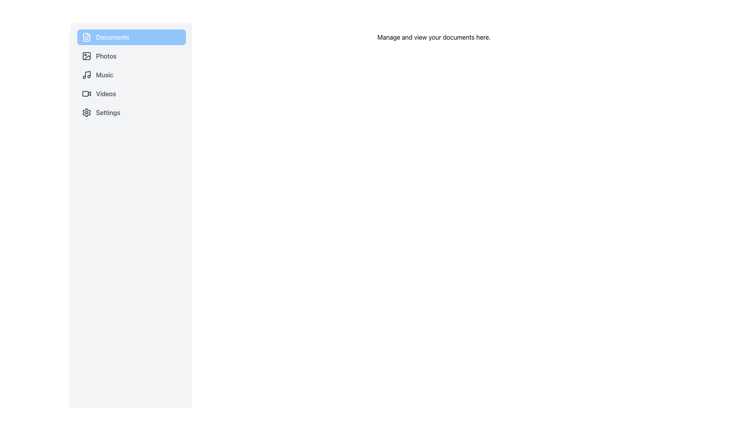 This screenshot has height=424, width=753. Describe the element at coordinates (86, 93) in the screenshot. I see `the 'Videos' icon located in the vertical navigation menu, which is positioned to the left of the 'Videos' text` at that location.